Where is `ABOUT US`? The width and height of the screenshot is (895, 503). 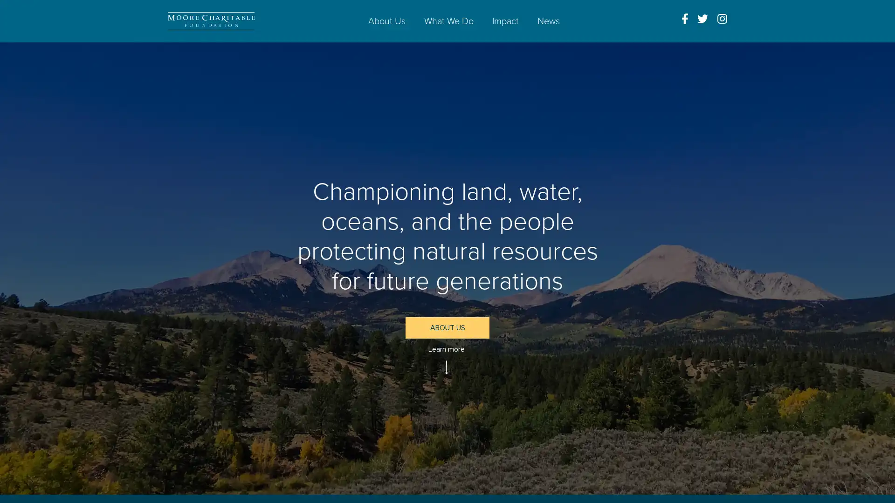
ABOUT US is located at coordinates (447, 327).